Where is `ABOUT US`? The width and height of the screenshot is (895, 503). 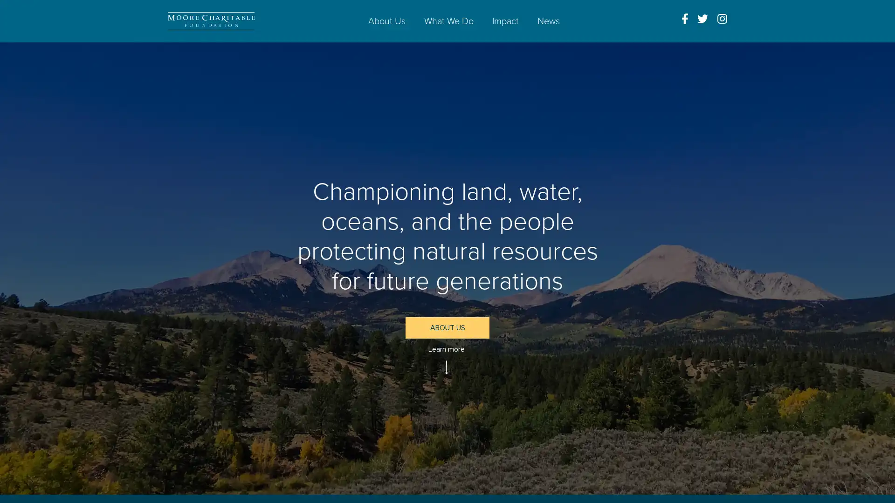
ABOUT US is located at coordinates (447, 327).